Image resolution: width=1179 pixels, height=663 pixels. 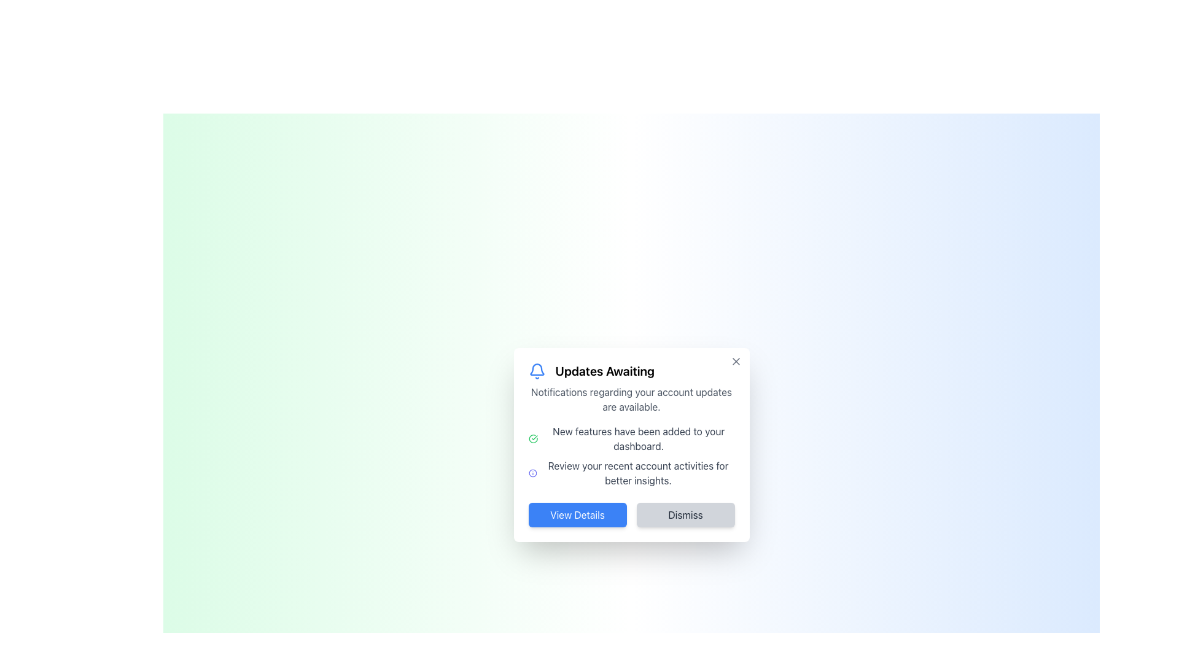 What do you see at coordinates (631, 400) in the screenshot?
I see `the static text notification regarding account updates located below the title 'Updates Awaiting' and above descriptions of new features and account activities` at bounding box center [631, 400].